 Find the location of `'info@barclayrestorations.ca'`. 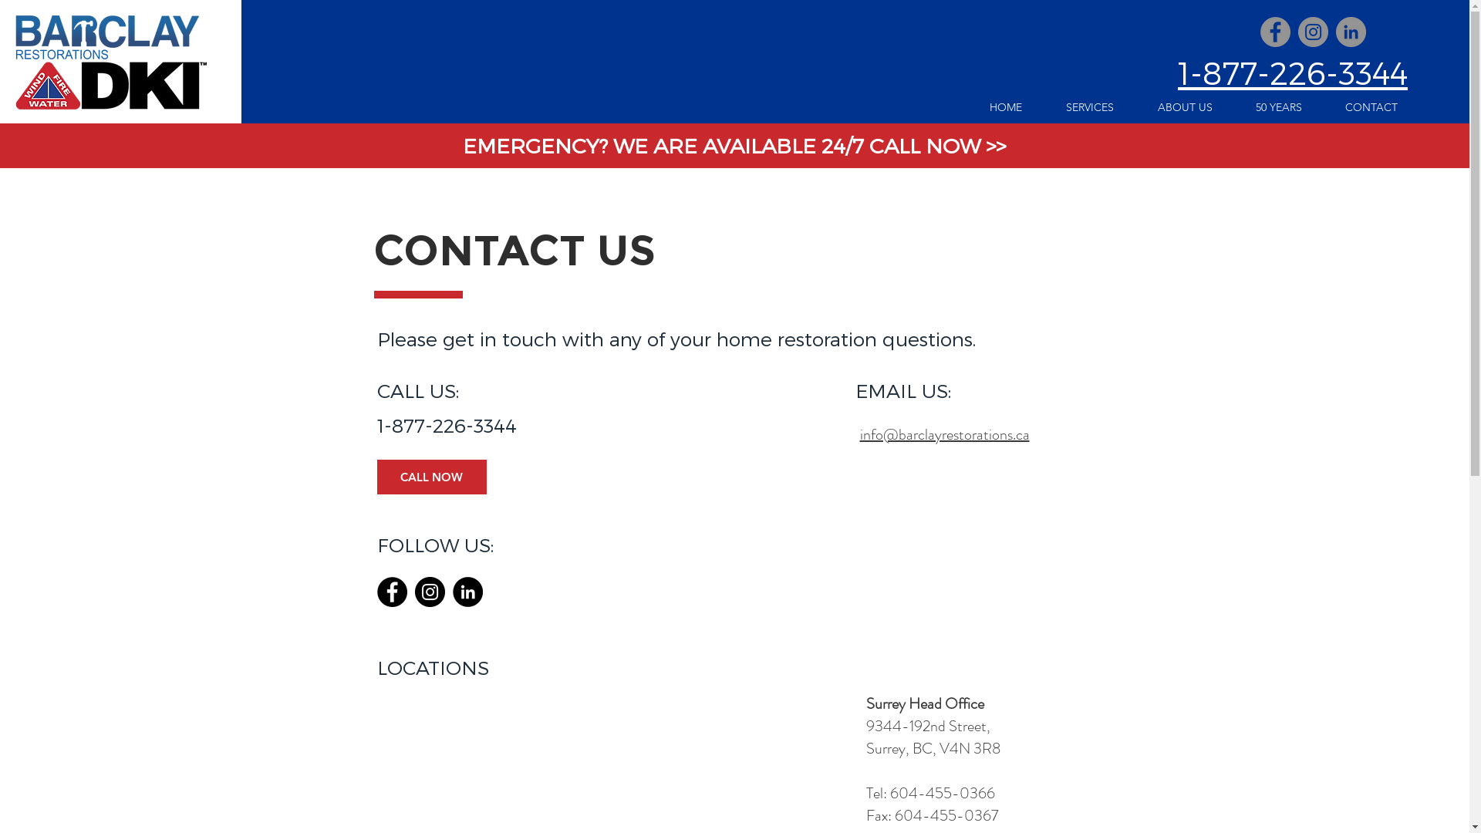

'info@barclayrestorations.ca' is located at coordinates (943, 433).